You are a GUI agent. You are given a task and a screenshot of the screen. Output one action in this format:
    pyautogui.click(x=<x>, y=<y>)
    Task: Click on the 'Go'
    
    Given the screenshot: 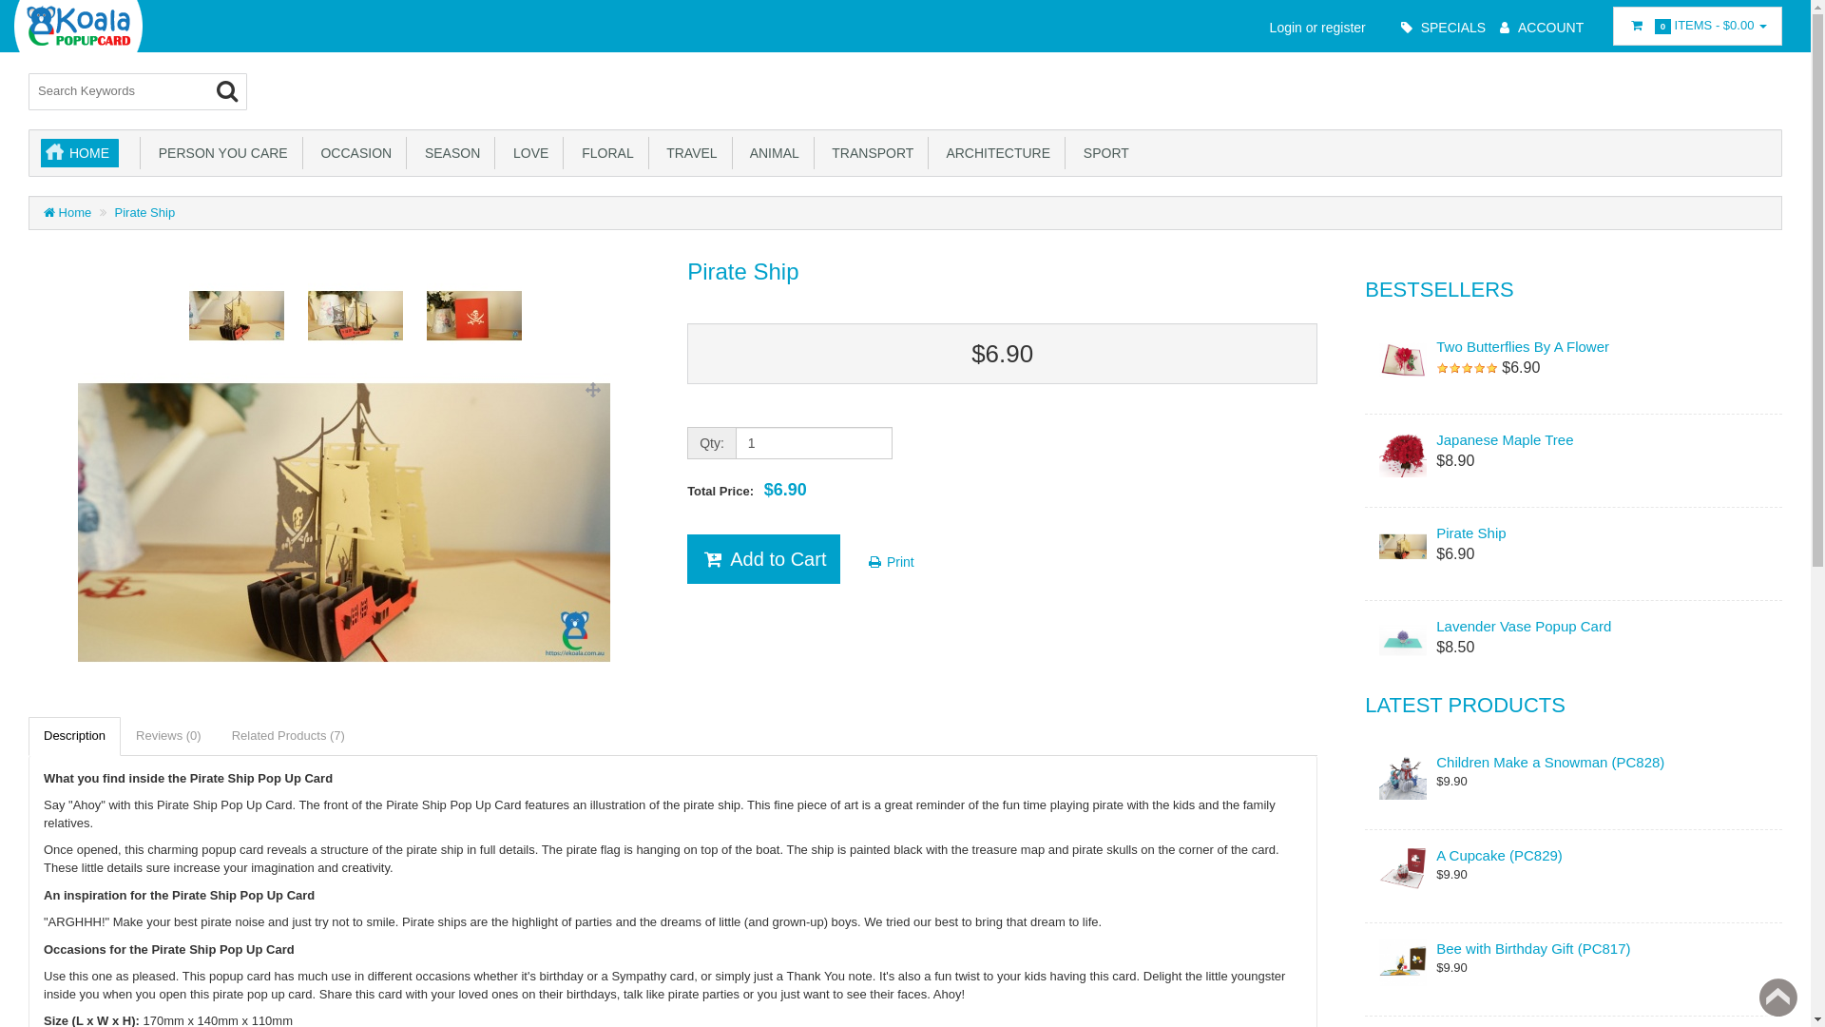 What is the action you would take?
    pyautogui.click(x=216, y=91)
    